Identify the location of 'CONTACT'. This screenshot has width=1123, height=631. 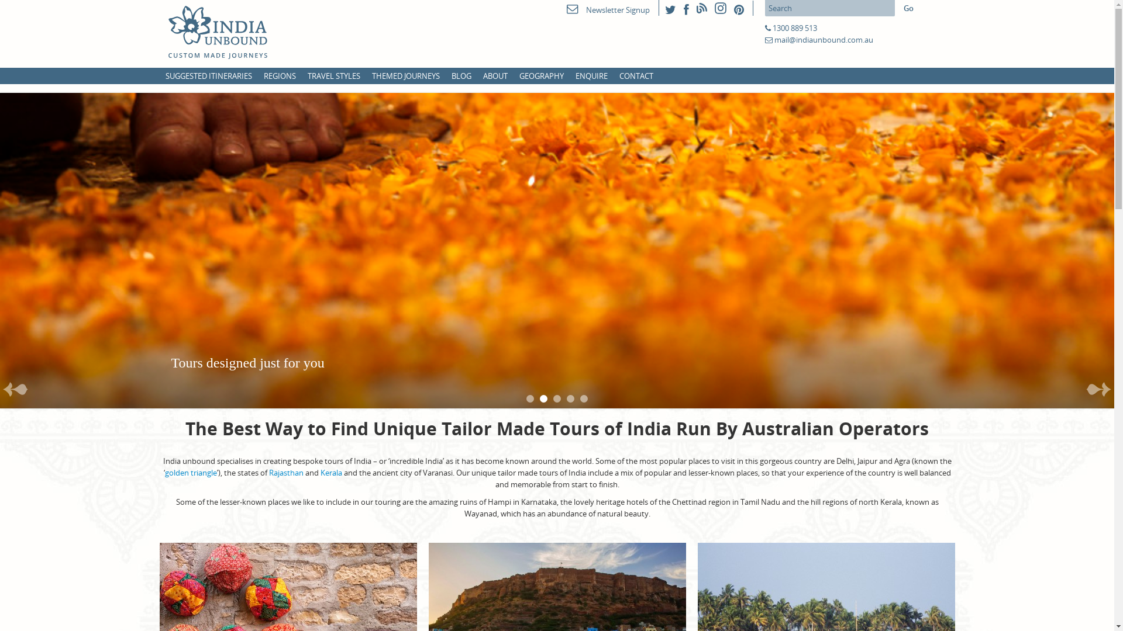
(618, 76).